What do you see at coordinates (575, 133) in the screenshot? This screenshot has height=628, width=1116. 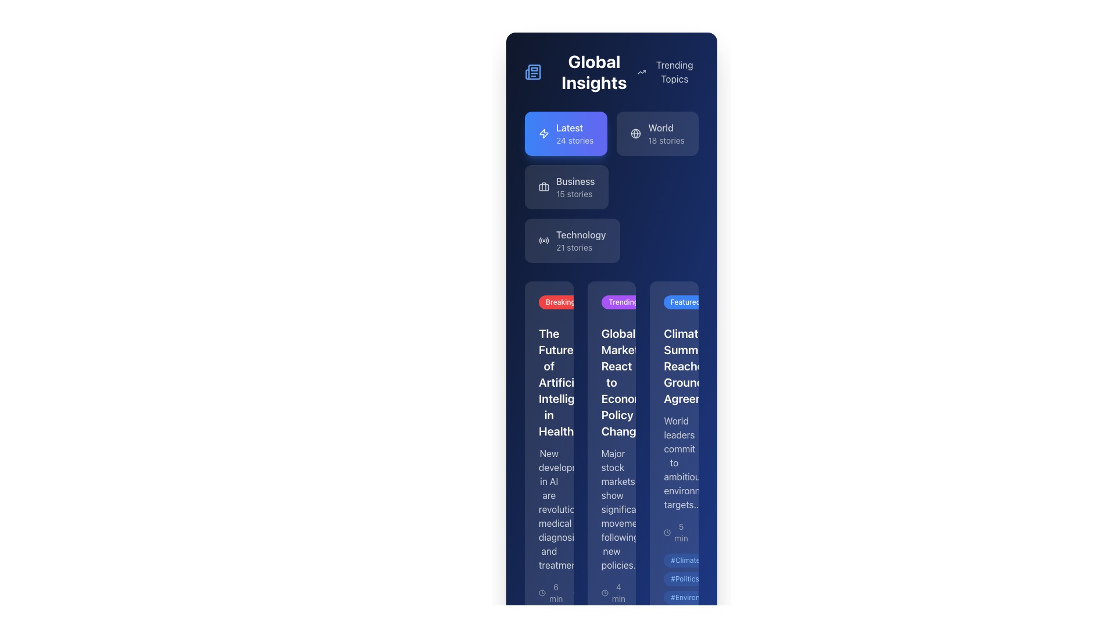 I see `the 'Latest' text label within the button element` at bounding box center [575, 133].